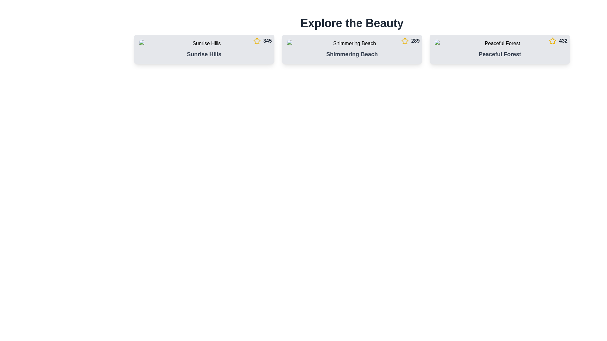 This screenshot has height=341, width=607. I want to click on the static text label displaying 'Peaceful Forest', which is positioned at the bottom center of the card representing the listing, so click(500, 54).